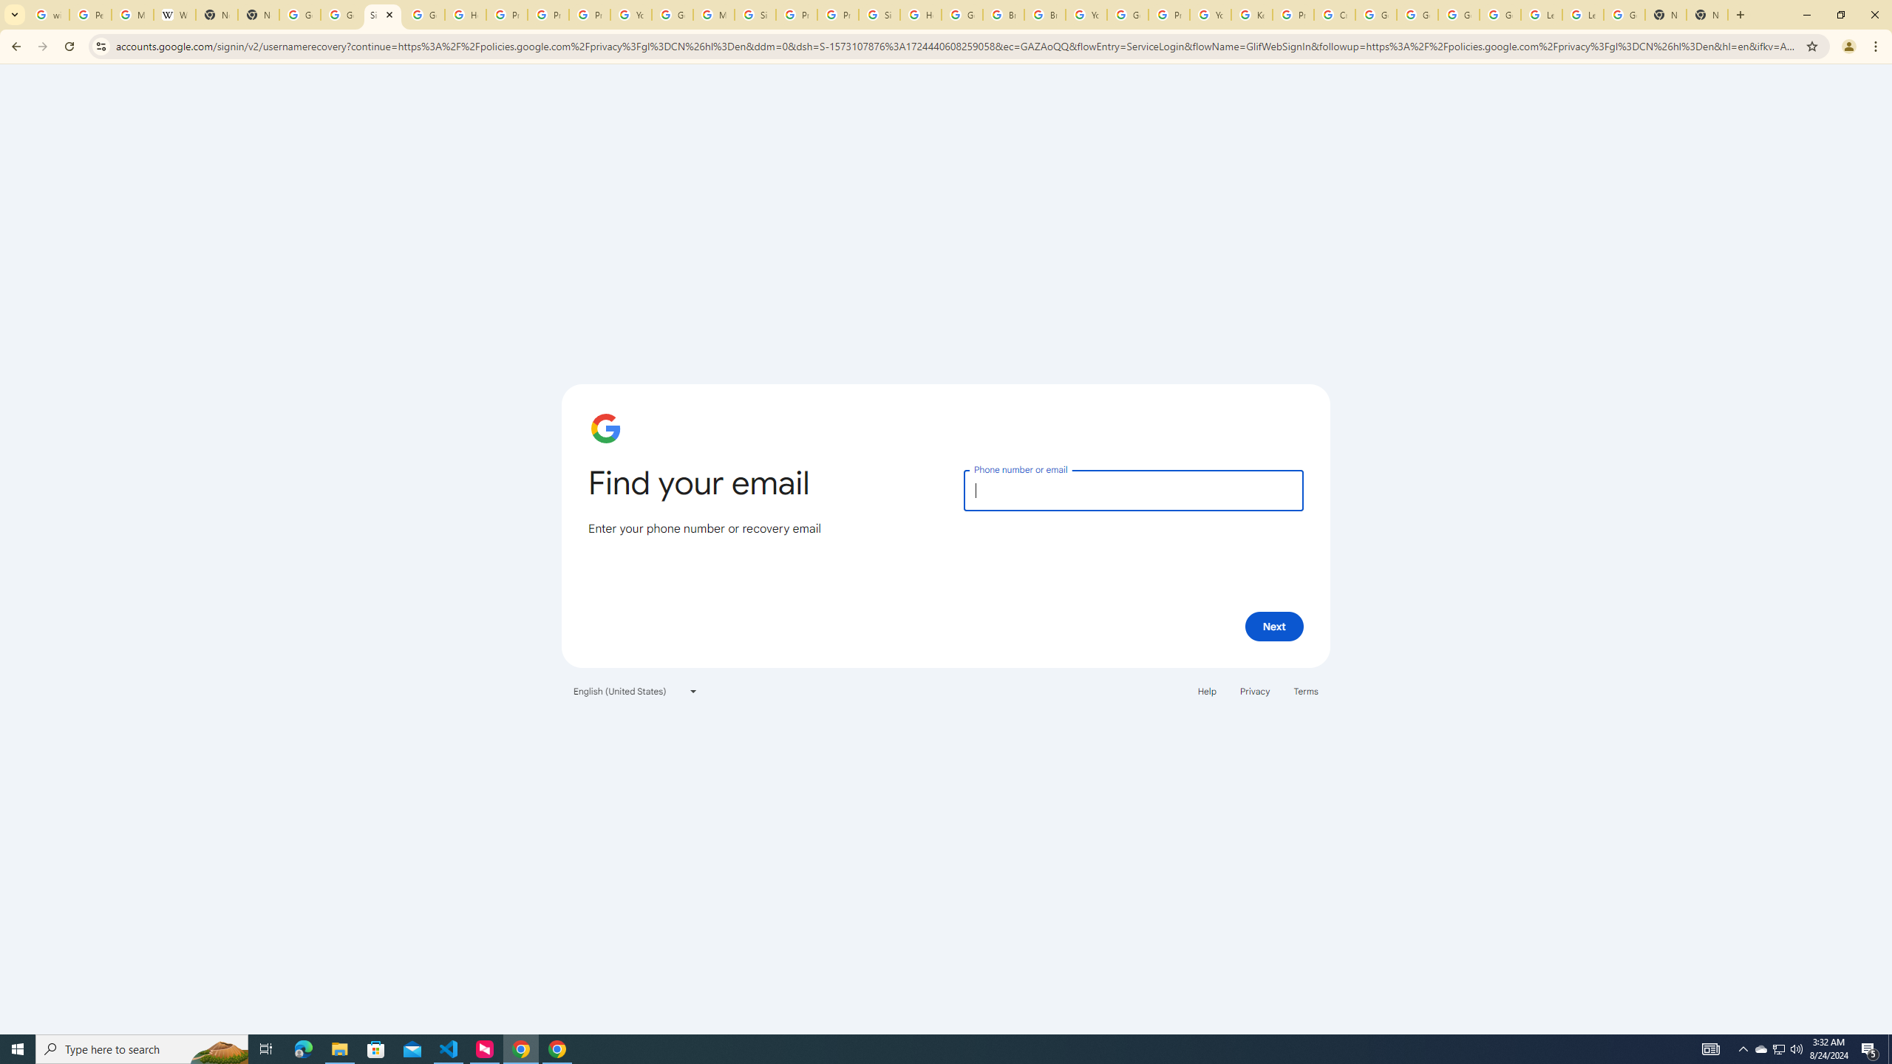 This screenshot has width=1892, height=1064. I want to click on 'Phone number or email', so click(1132, 489).